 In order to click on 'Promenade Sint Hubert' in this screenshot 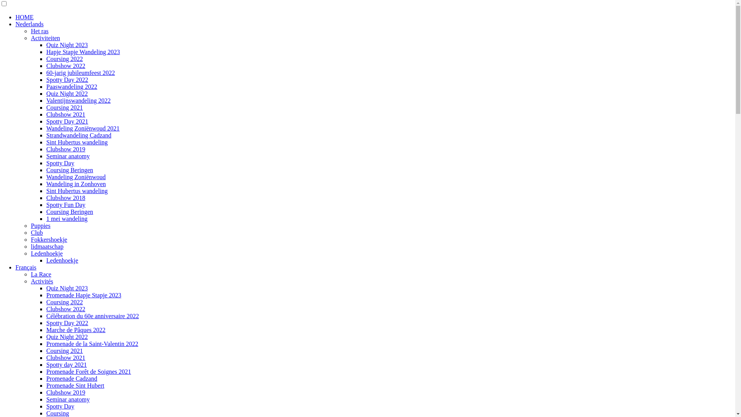, I will do `click(75, 385)`.